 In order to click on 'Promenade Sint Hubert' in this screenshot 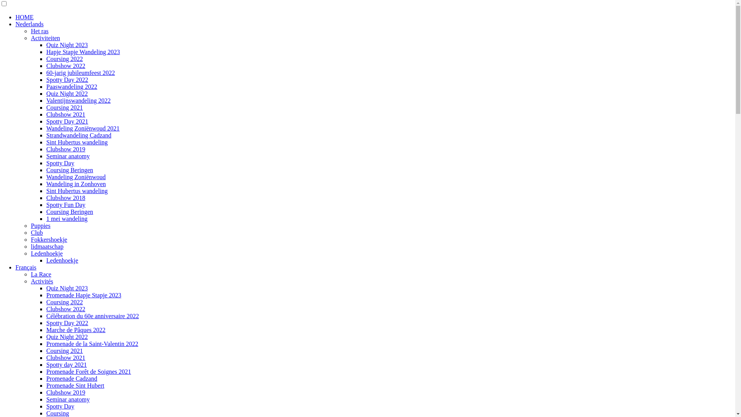, I will do `click(75, 385)`.